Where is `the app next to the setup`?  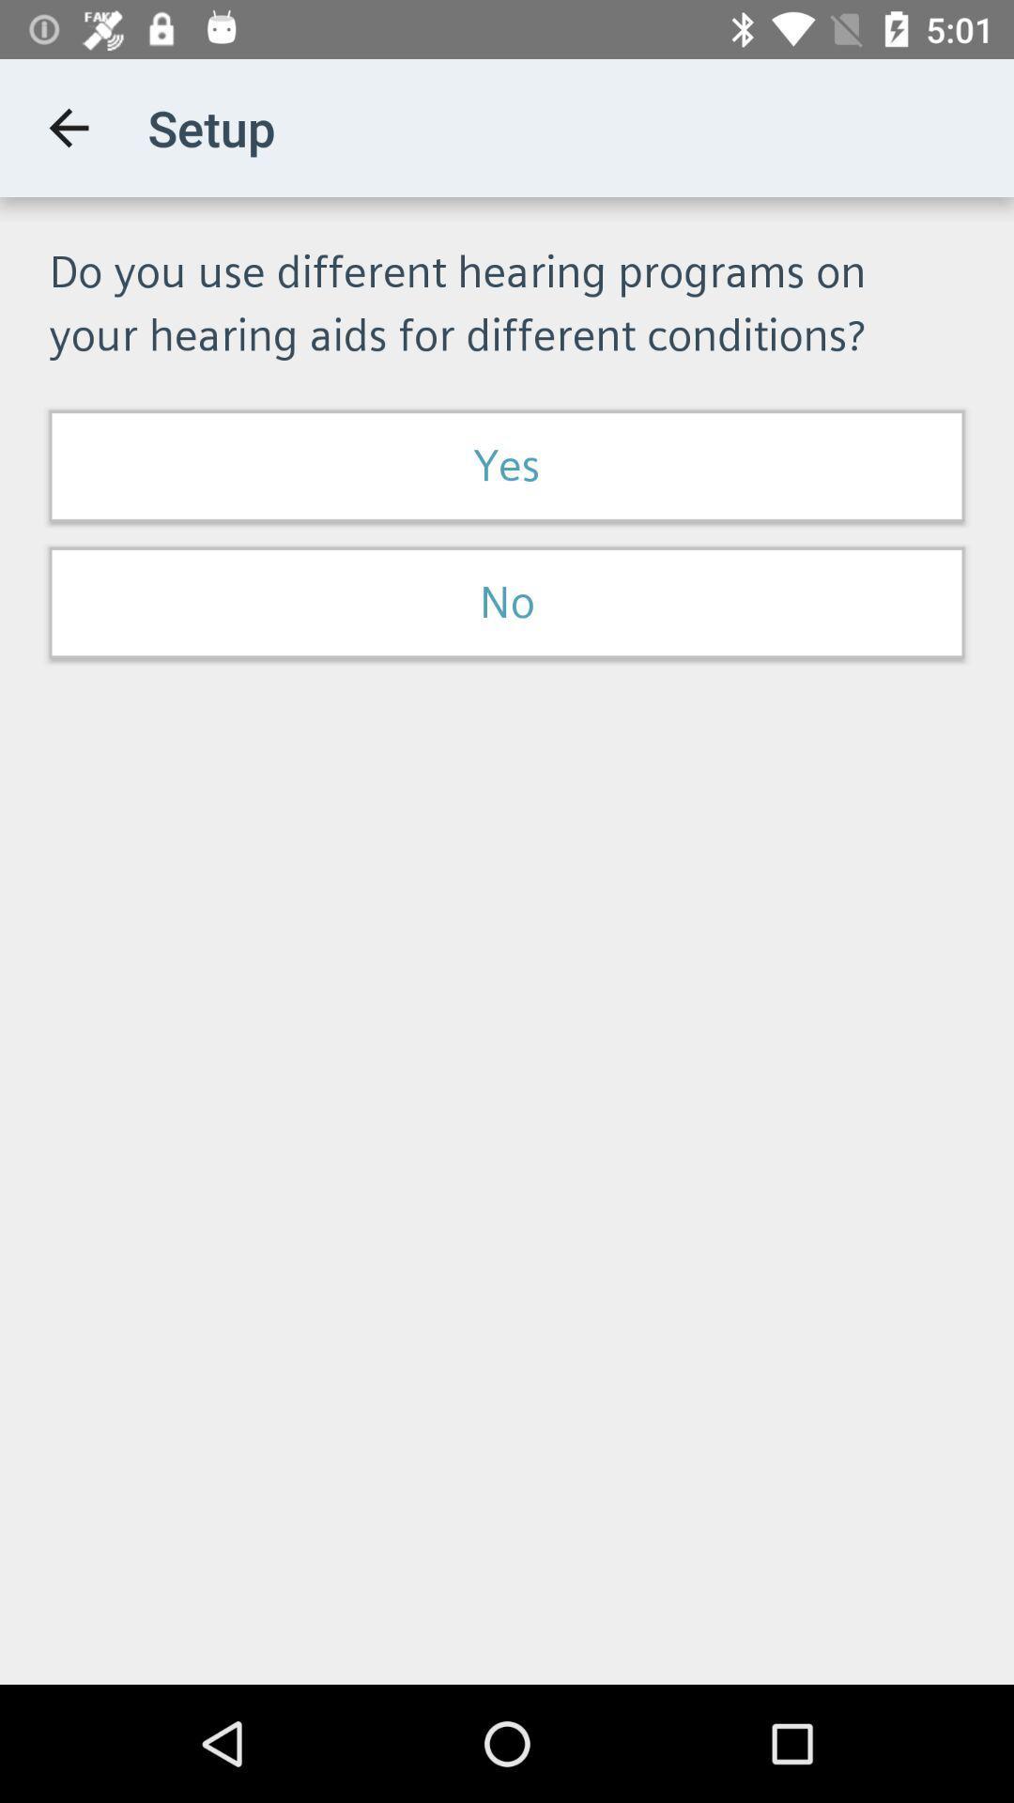
the app next to the setup is located at coordinates (68, 127).